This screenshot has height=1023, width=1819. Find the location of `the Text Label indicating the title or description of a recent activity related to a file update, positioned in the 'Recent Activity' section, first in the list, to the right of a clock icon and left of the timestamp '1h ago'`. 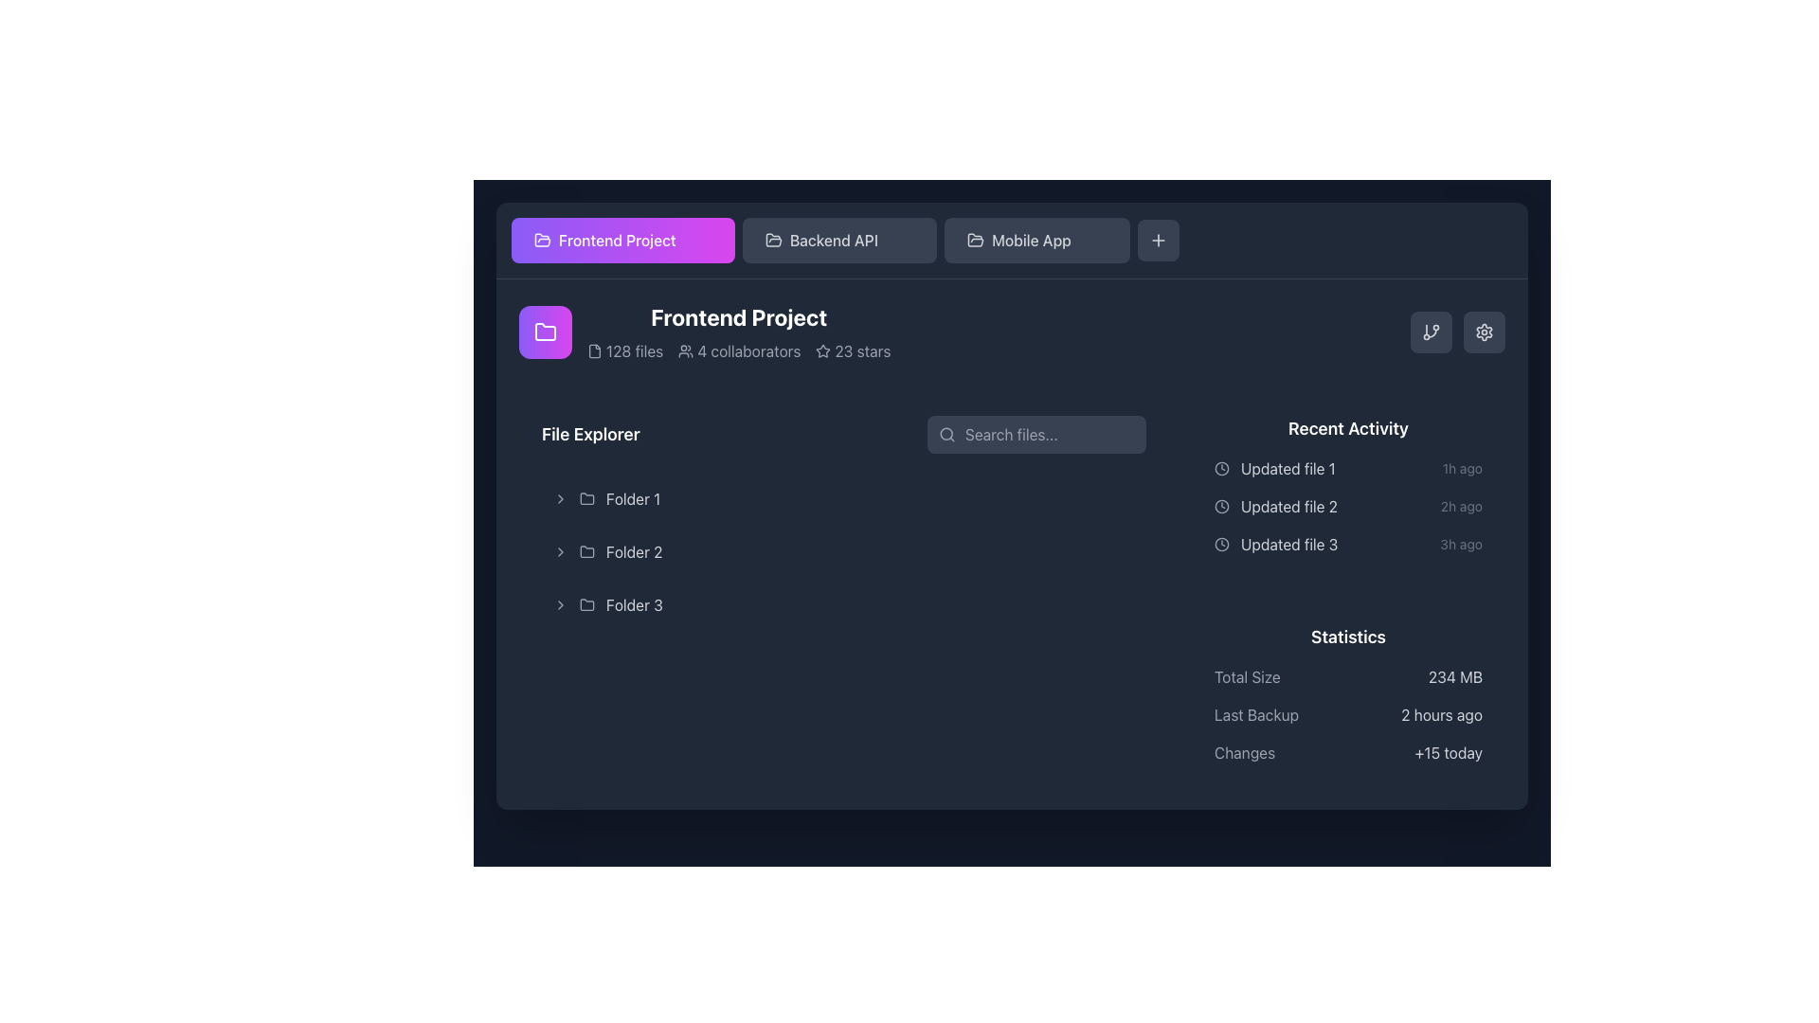

the Text Label indicating the title or description of a recent activity related to a file update, positioned in the 'Recent Activity' section, first in the list, to the right of a clock icon and left of the timestamp '1h ago' is located at coordinates (1288, 468).